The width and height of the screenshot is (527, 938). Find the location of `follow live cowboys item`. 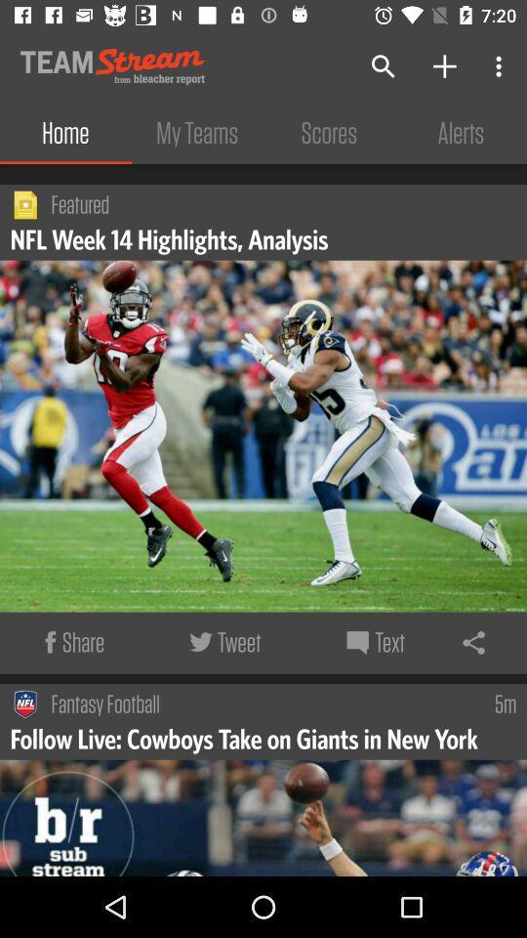

follow live cowboys item is located at coordinates (246, 737).